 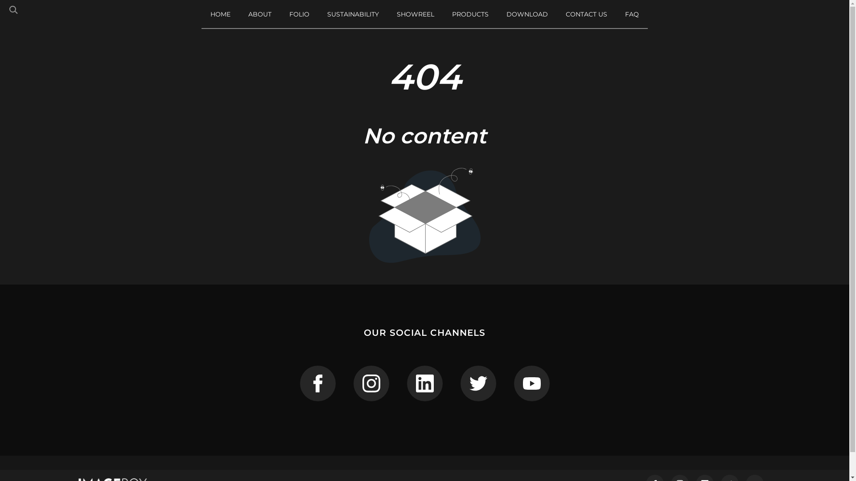 What do you see at coordinates (259, 14) in the screenshot?
I see `'ABOUT'` at bounding box center [259, 14].